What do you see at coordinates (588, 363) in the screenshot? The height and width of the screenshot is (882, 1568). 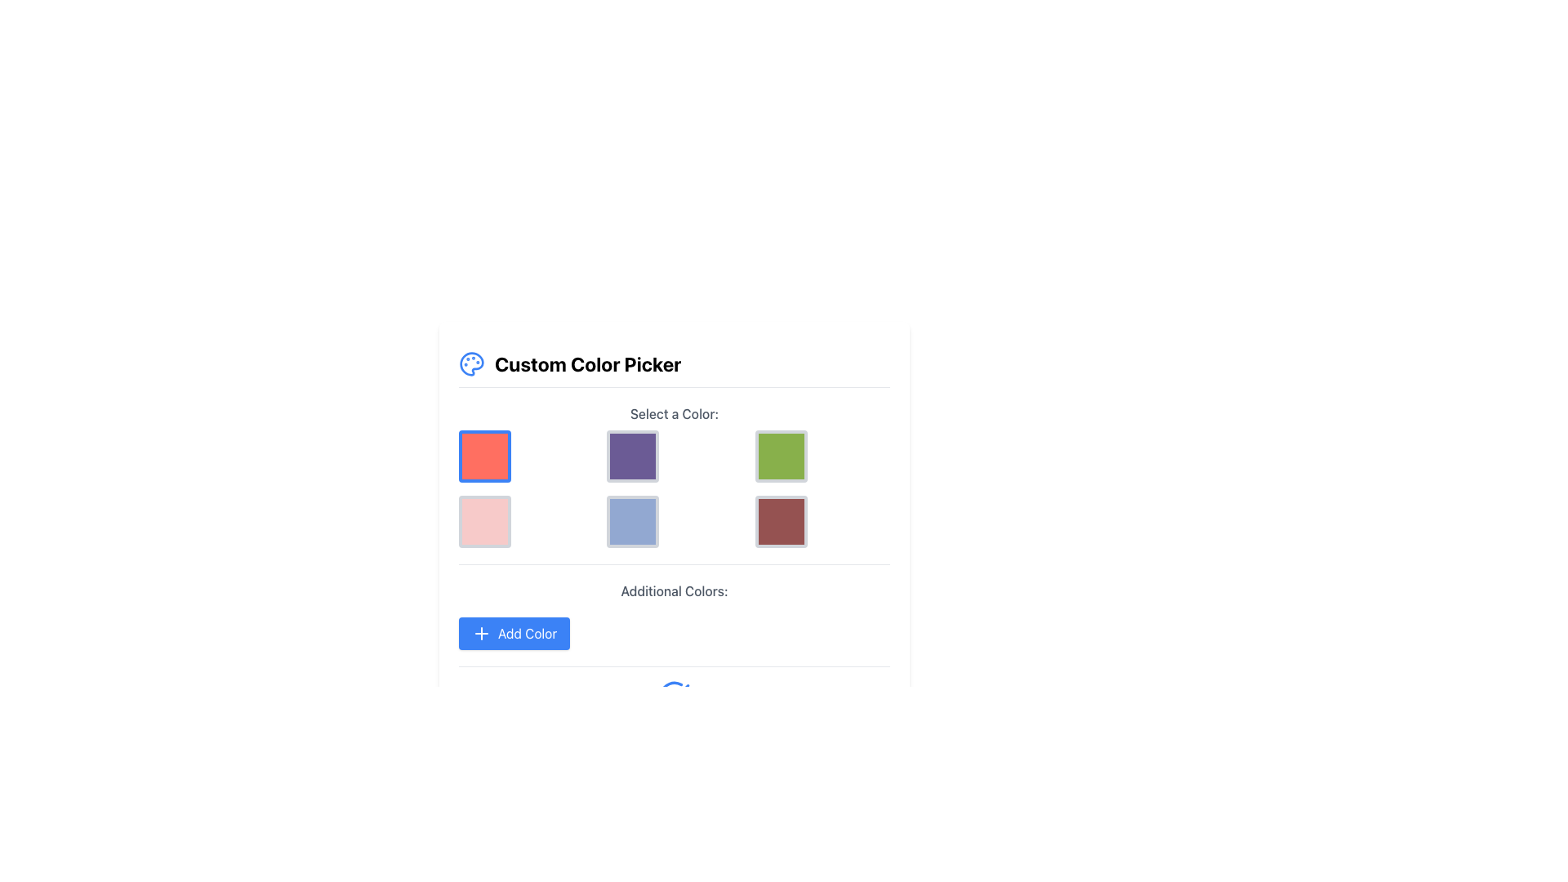 I see `the Text Label that serves as a header for the 'Custom Color Picker' feature, located to the right of a small palette icon` at bounding box center [588, 363].